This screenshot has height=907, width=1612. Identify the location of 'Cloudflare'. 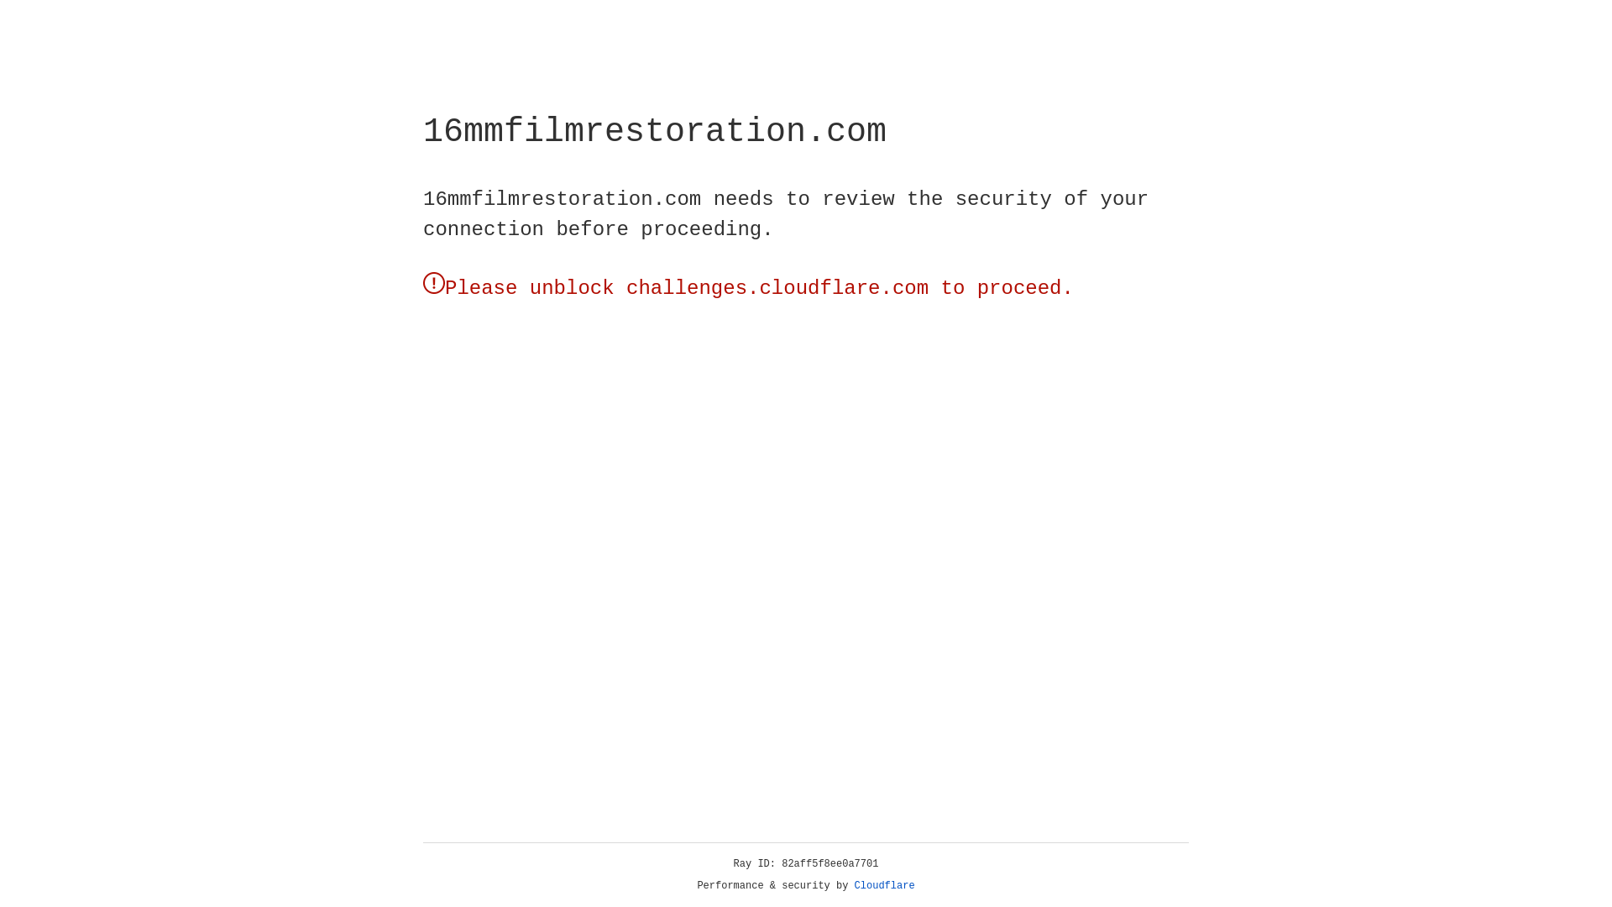
(884, 885).